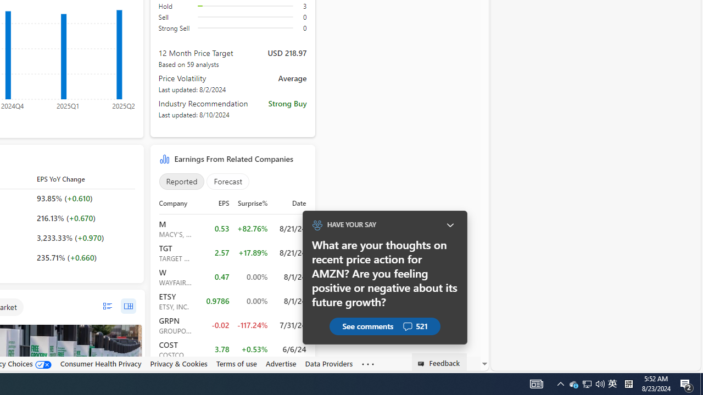 The width and height of the screenshot is (703, 395). Describe the element at coordinates (236, 363) in the screenshot. I see `'Terms of use'` at that location.